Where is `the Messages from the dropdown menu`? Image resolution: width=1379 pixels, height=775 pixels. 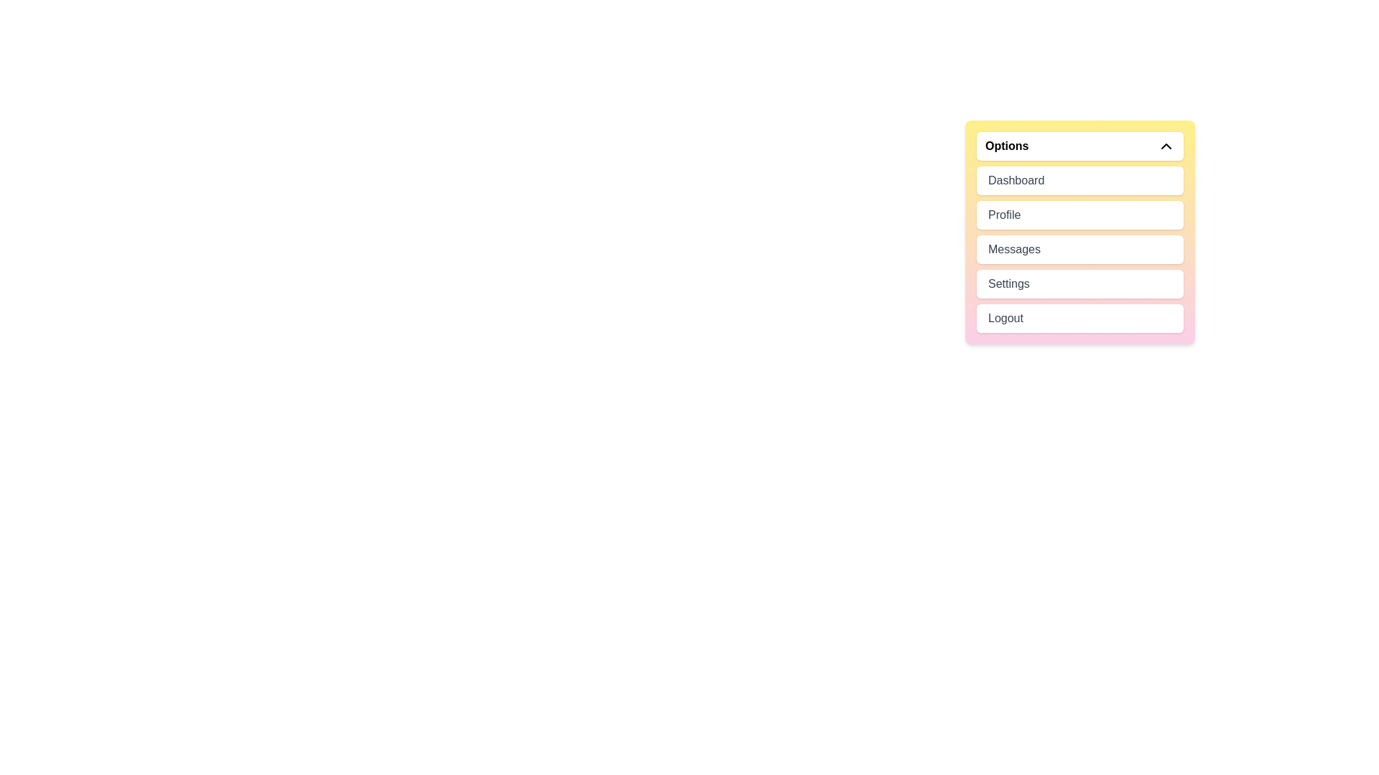 the Messages from the dropdown menu is located at coordinates (1079, 248).